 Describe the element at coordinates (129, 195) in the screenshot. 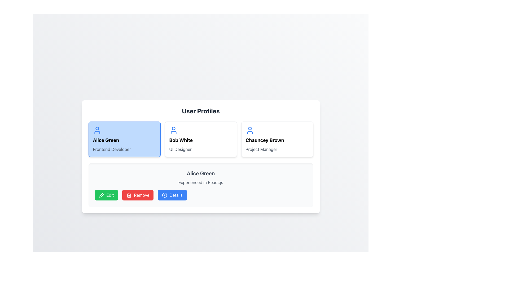

I see `the delete icon located within the 'Remove' button at the bottom of the 'Alice Green' user profile card` at that location.